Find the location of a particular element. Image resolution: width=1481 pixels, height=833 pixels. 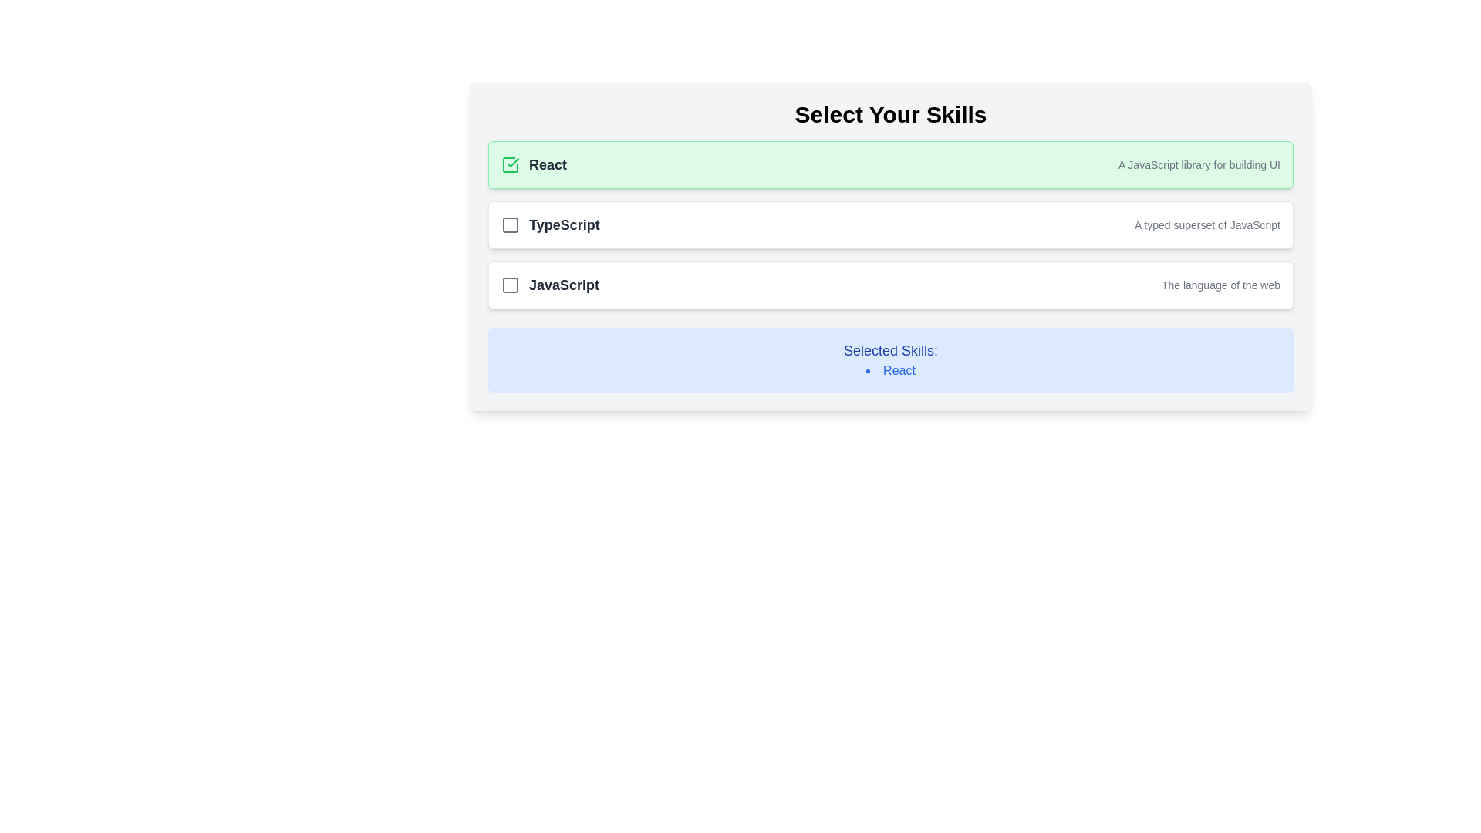

the green checkbox icon with a check mark that is positioned to the left of the text 'React' is located at coordinates (511, 164).